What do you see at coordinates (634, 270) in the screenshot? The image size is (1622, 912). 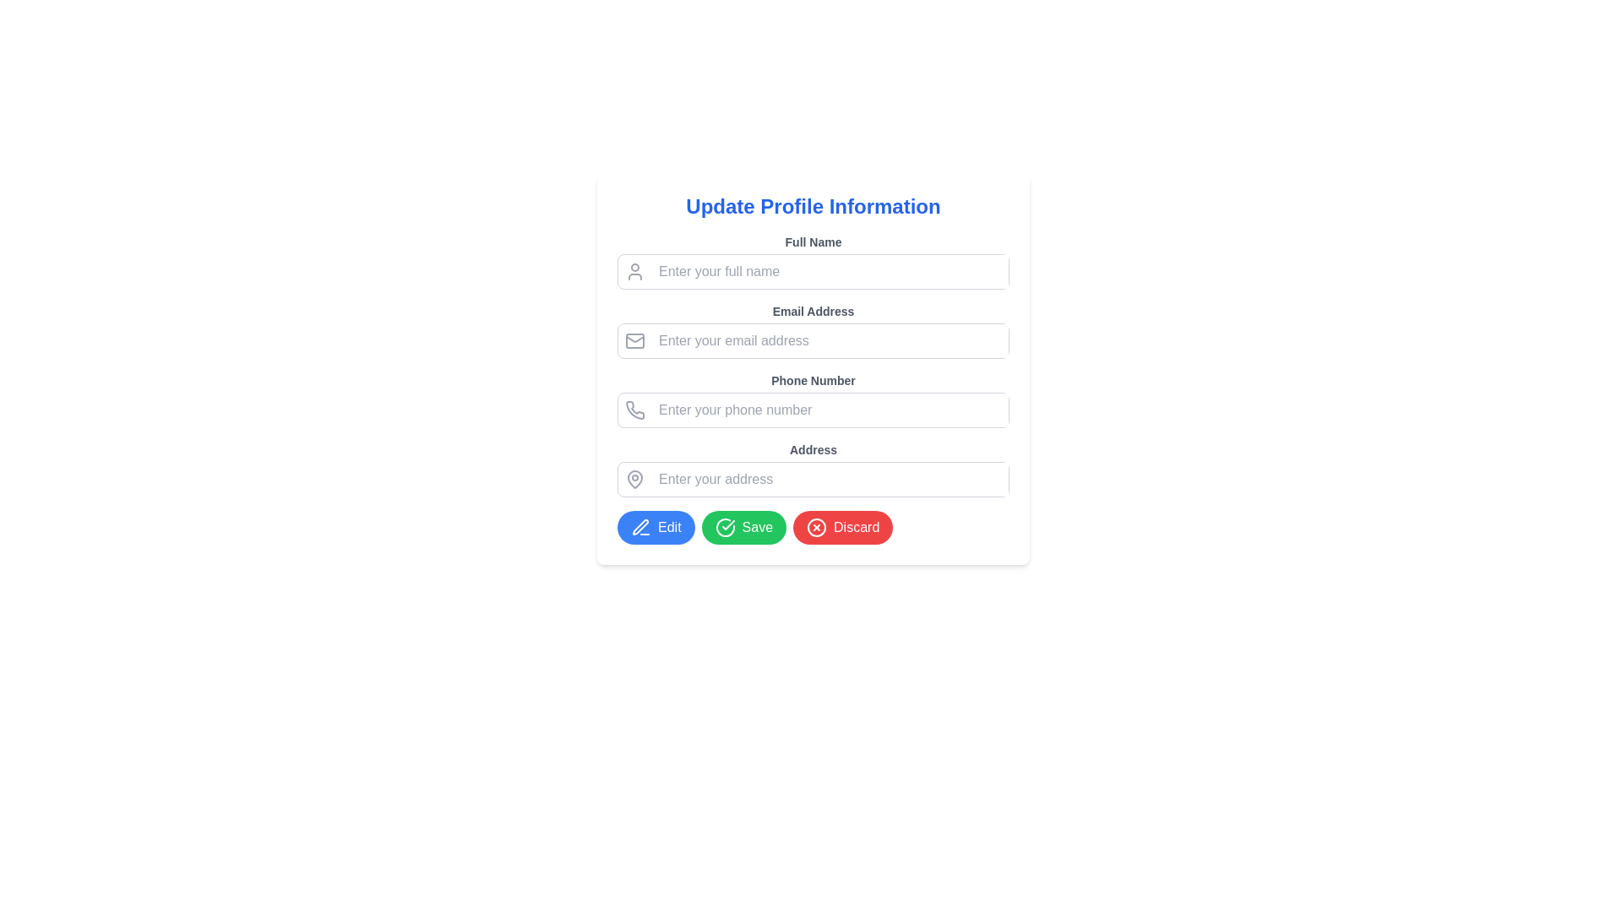 I see `the decorative icon that indicates the adjacent text field is for entering a user's full name, which is positioned to the left of the 'Full Name' input field` at bounding box center [634, 270].